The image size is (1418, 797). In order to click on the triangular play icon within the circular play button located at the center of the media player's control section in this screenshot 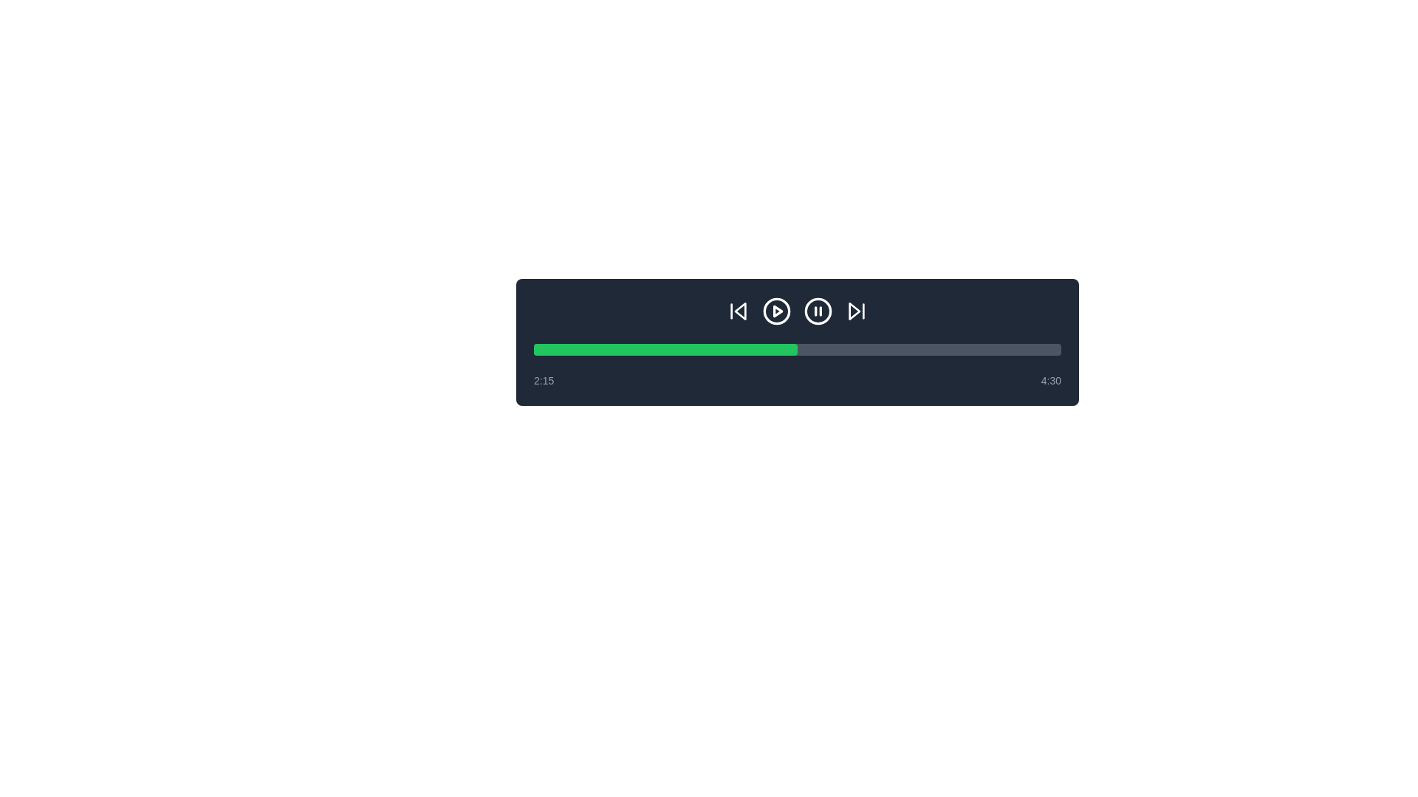, I will do `click(777, 310)`.